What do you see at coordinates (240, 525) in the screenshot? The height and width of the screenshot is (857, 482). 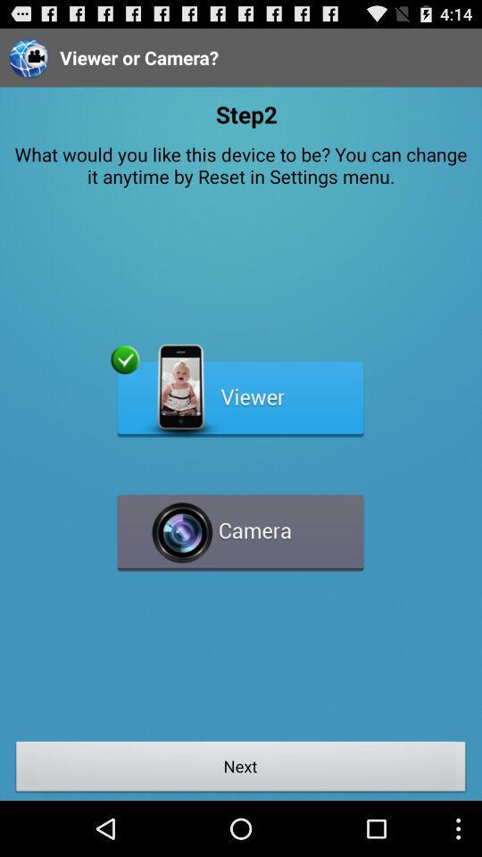 I see `open camera` at bounding box center [240, 525].